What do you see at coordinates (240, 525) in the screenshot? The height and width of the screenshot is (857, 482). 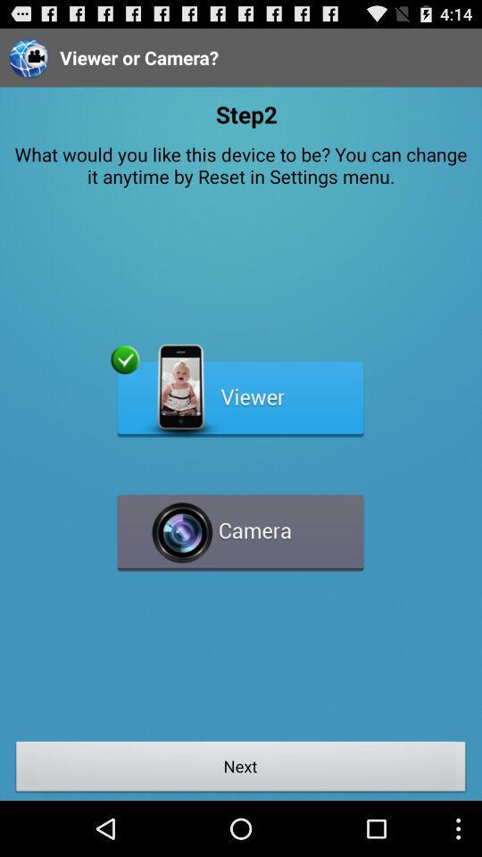 I see `open camera` at bounding box center [240, 525].